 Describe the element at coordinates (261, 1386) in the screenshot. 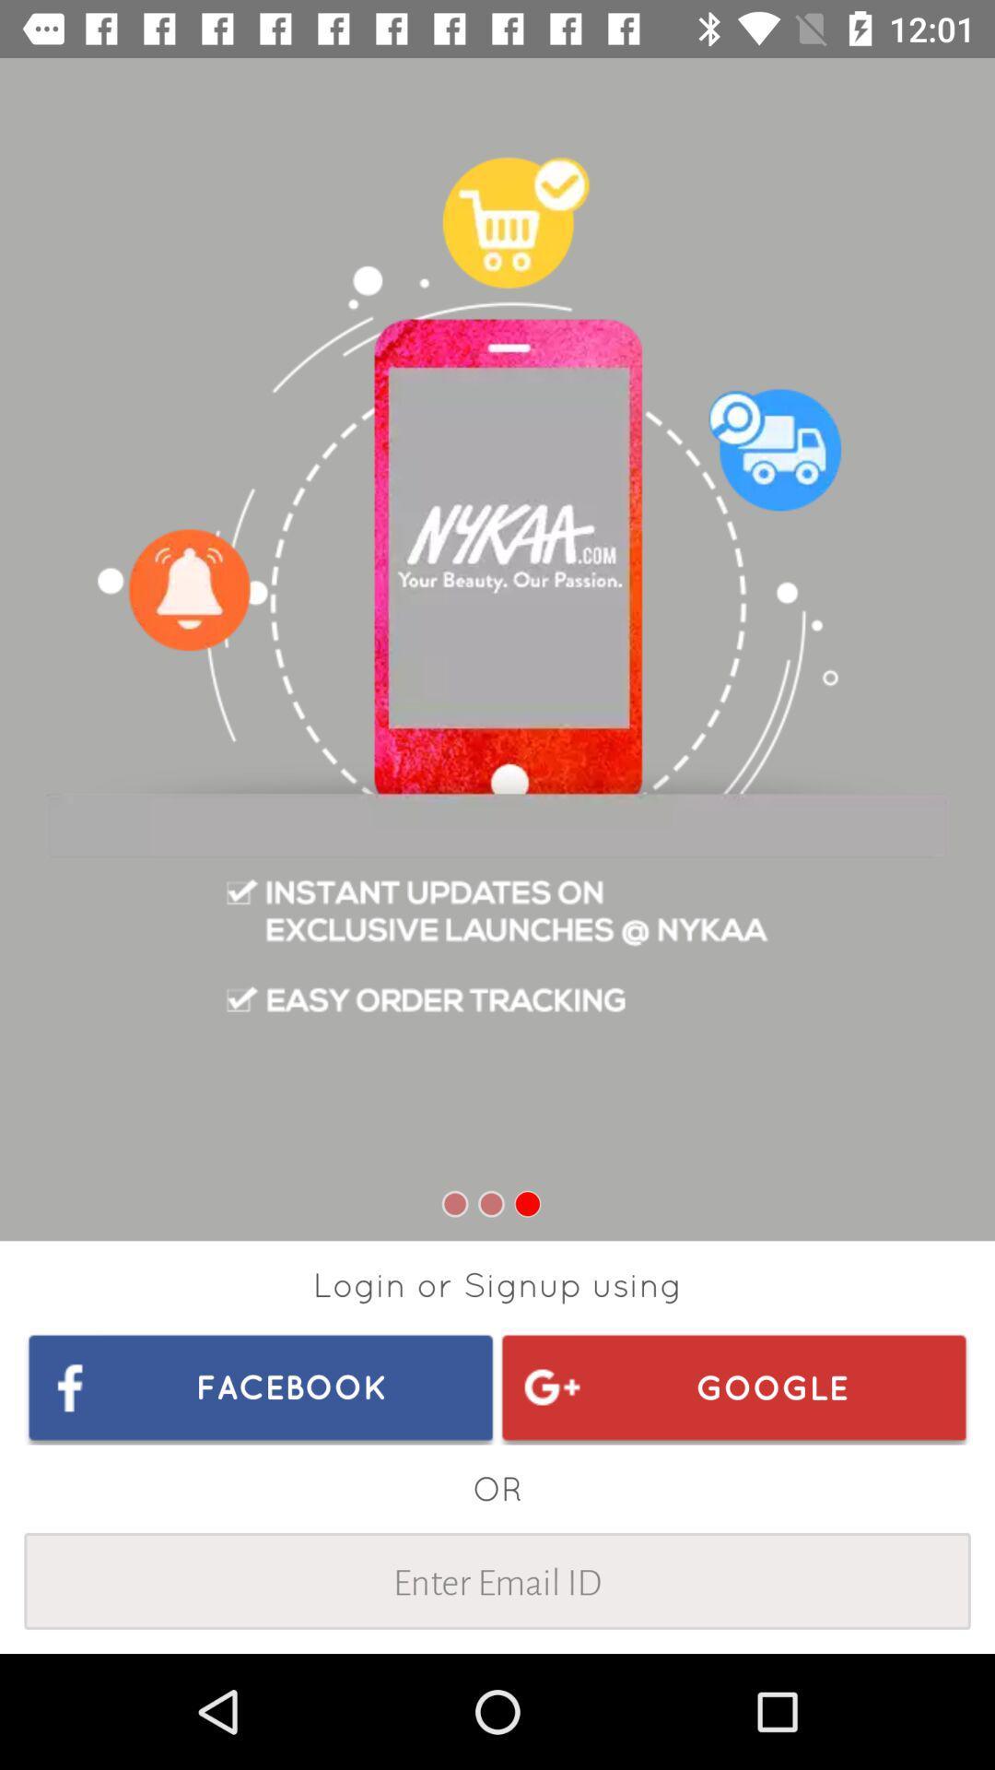

I see `facebook item` at that location.